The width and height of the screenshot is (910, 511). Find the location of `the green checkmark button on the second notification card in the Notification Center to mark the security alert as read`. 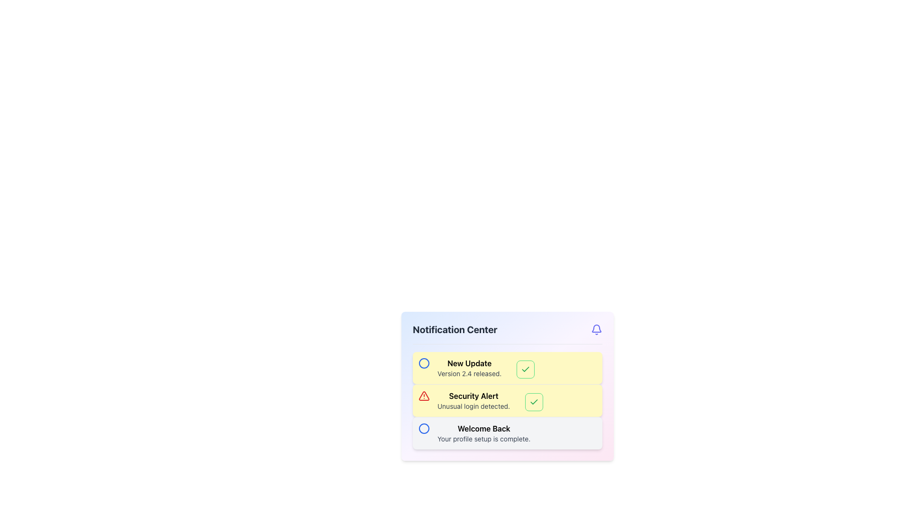

the green checkmark button on the second notification card in the Notification Center to mark the security alert as read is located at coordinates (507, 400).